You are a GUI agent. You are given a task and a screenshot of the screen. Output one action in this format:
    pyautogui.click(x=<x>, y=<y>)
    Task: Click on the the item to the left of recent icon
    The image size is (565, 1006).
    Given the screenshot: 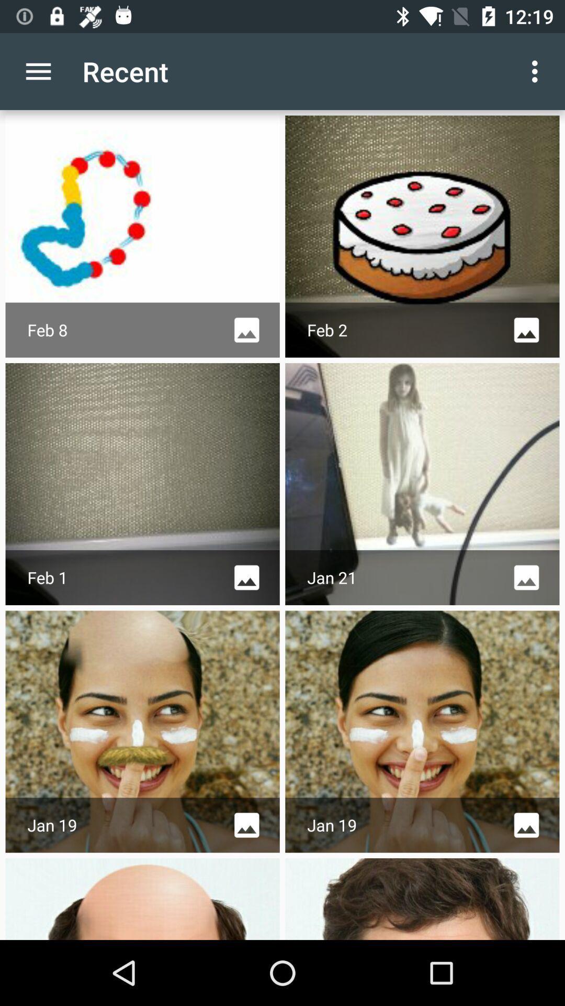 What is the action you would take?
    pyautogui.click(x=38, y=71)
    